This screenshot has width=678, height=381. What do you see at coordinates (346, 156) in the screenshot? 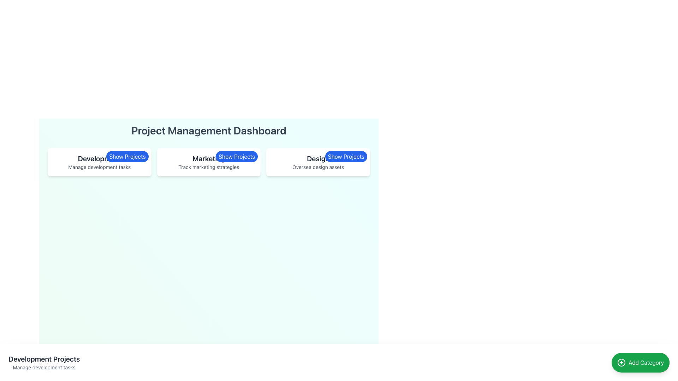
I see `the button in the top-right corner of the 'Design' card labeled 'Oversee design assets'` at bounding box center [346, 156].